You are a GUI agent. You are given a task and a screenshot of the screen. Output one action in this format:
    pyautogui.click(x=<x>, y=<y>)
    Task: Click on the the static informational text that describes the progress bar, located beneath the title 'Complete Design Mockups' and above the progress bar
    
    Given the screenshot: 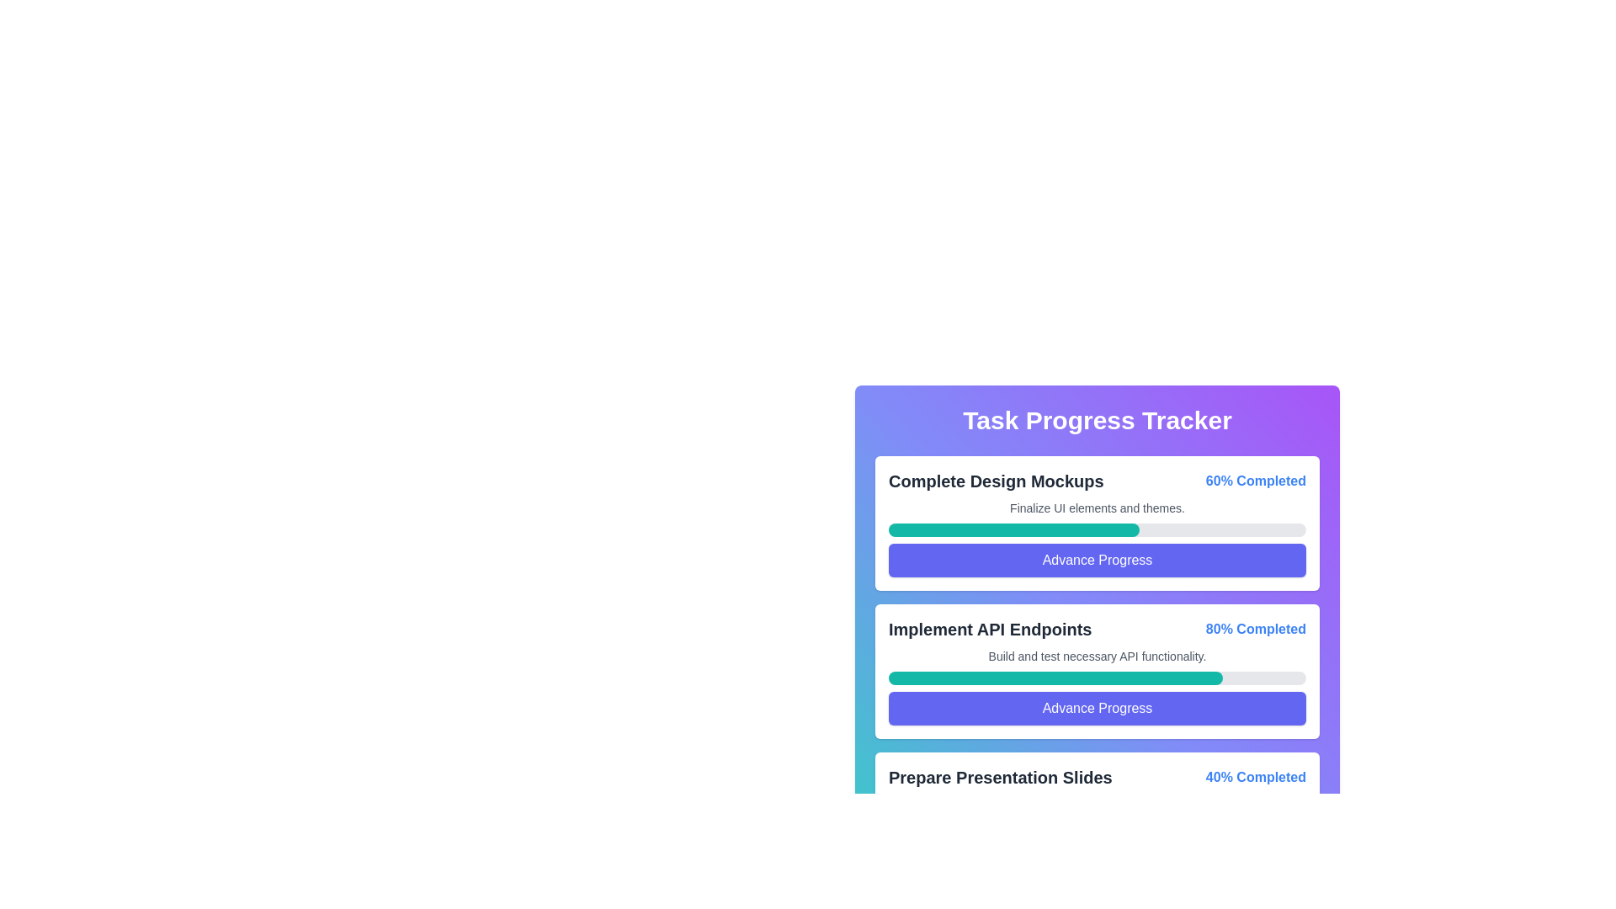 What is the action you would take?
    pyautogui.click(x=1098, y=508)
    